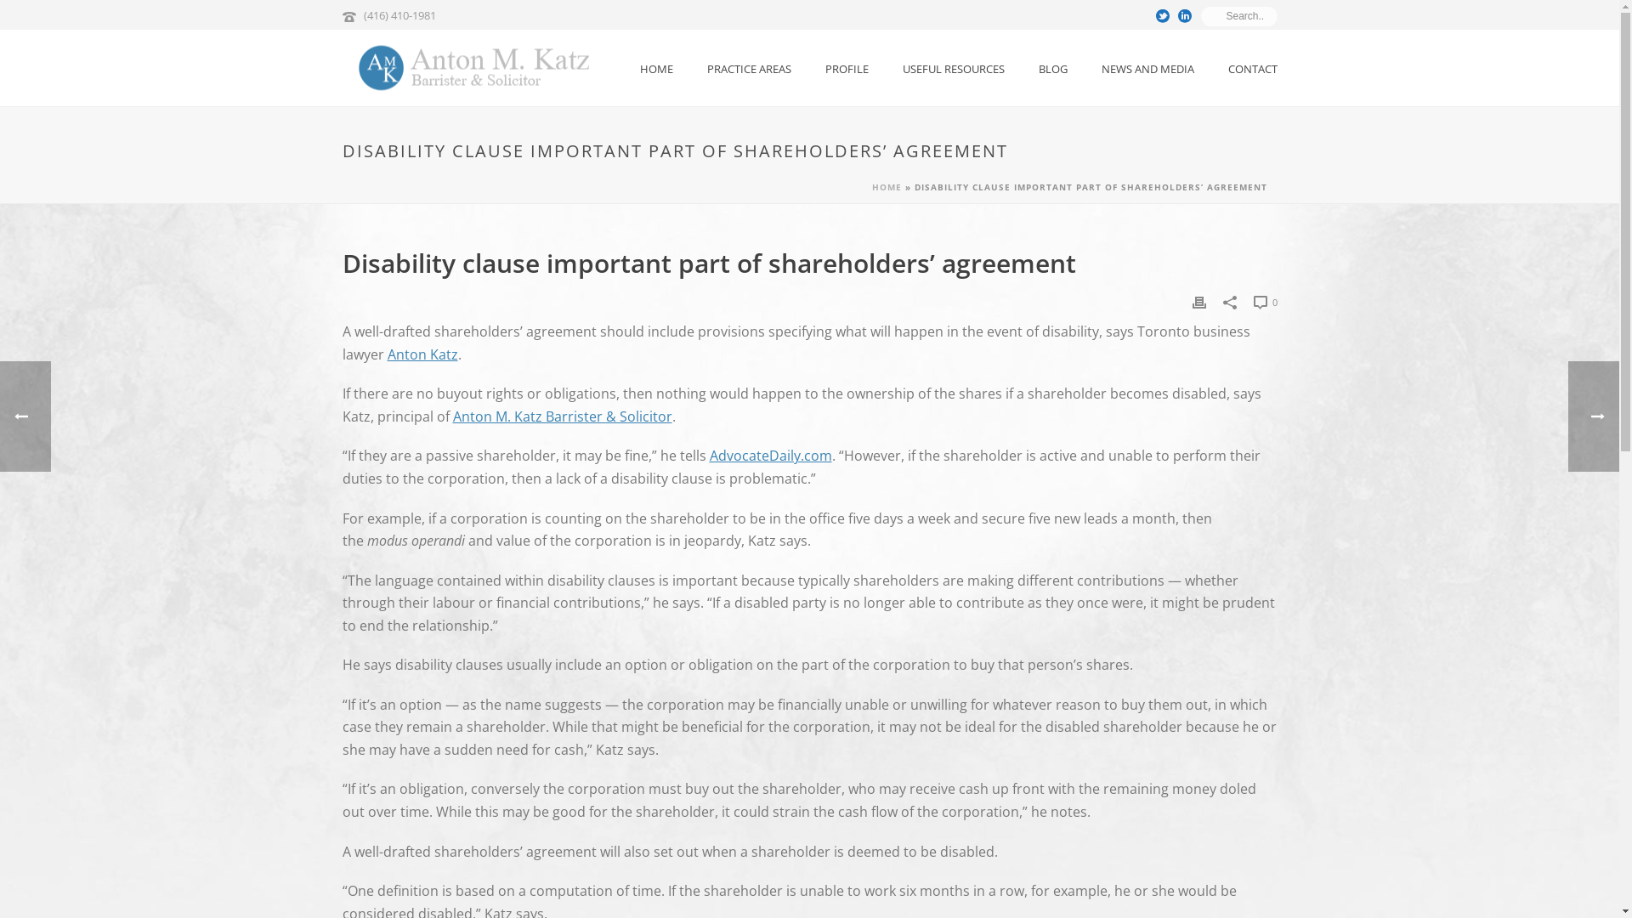 The image size is (1632, 918). I want to click on 'USEFUL RESOURCES', so click(954, 68).